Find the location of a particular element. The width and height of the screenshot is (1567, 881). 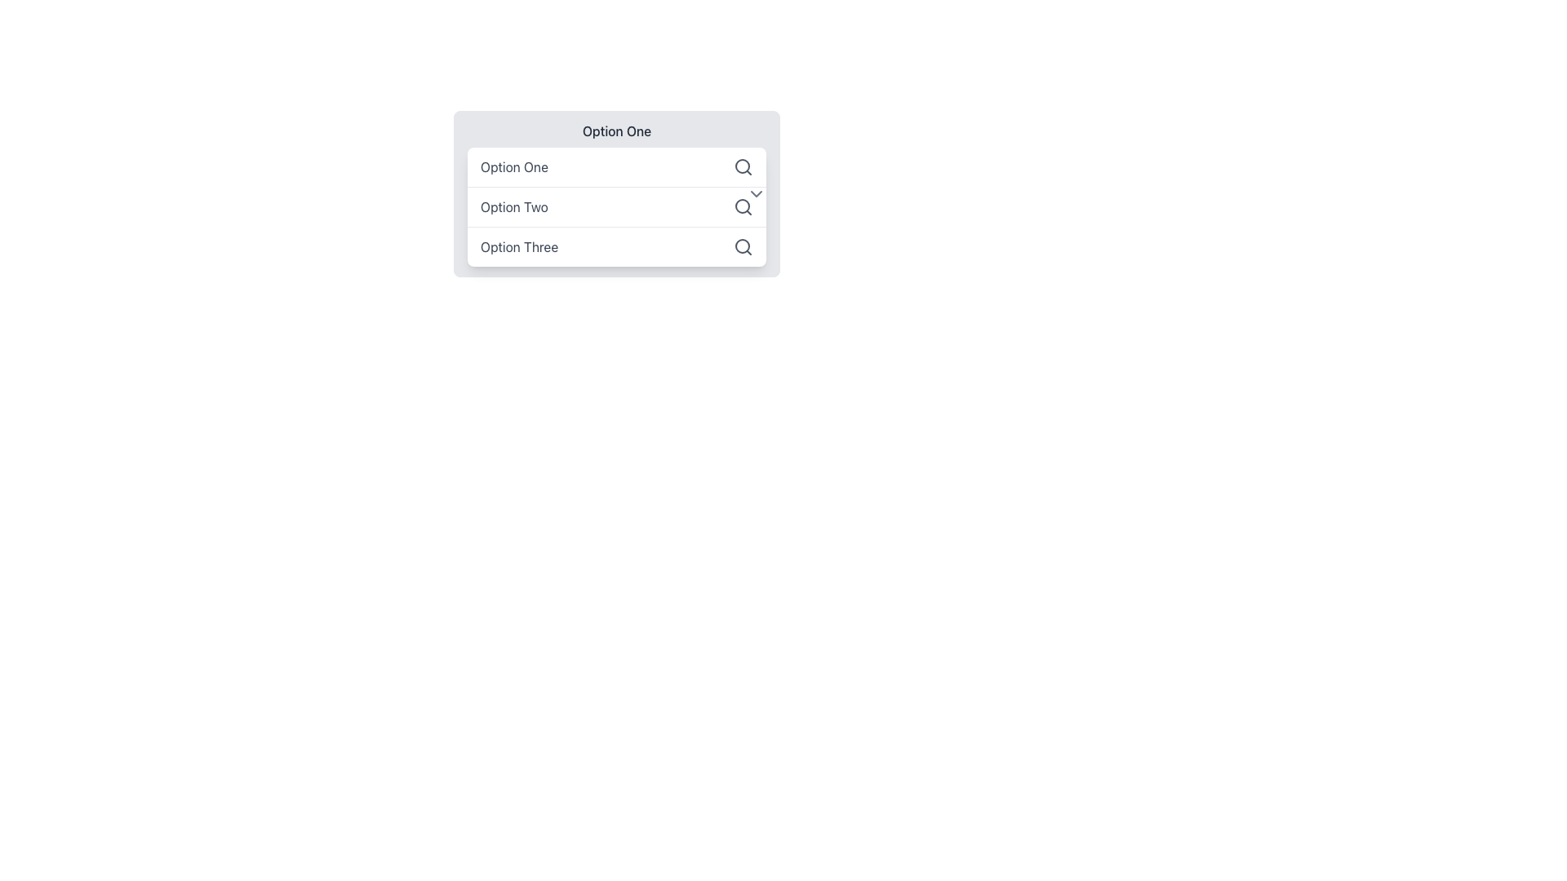

the middle option is located at coordinates (615, 193).